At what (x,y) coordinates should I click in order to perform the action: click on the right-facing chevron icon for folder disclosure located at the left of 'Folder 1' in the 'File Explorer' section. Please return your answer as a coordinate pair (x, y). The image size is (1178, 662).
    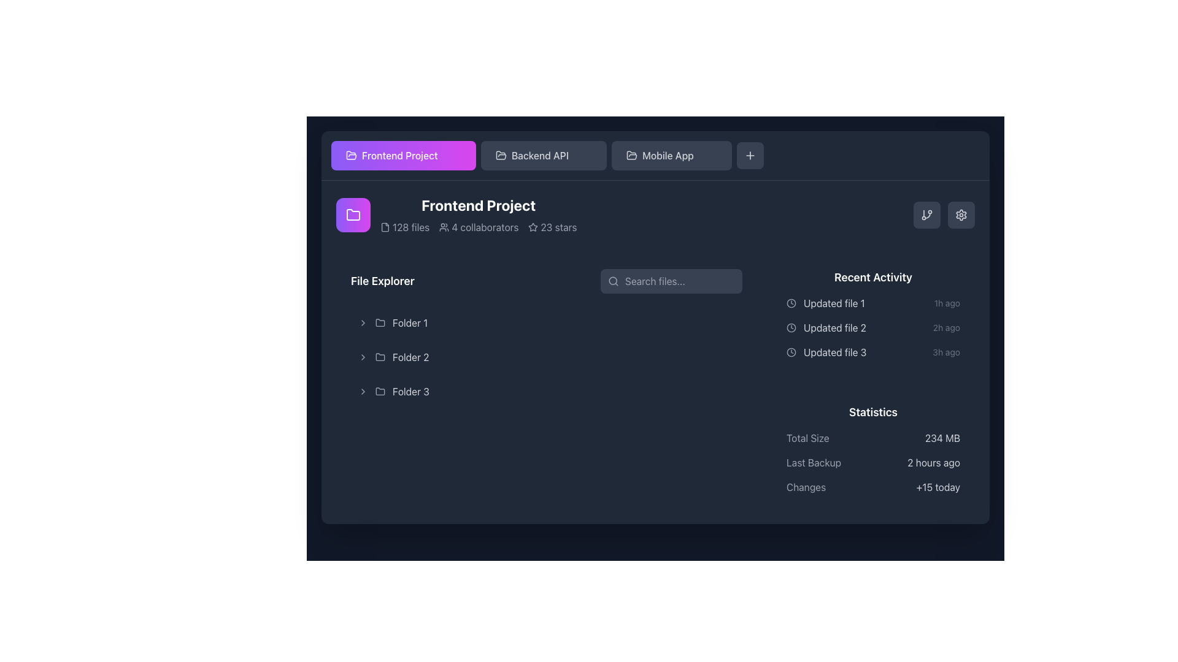
    Looking at the image, I should click on (362, 322).